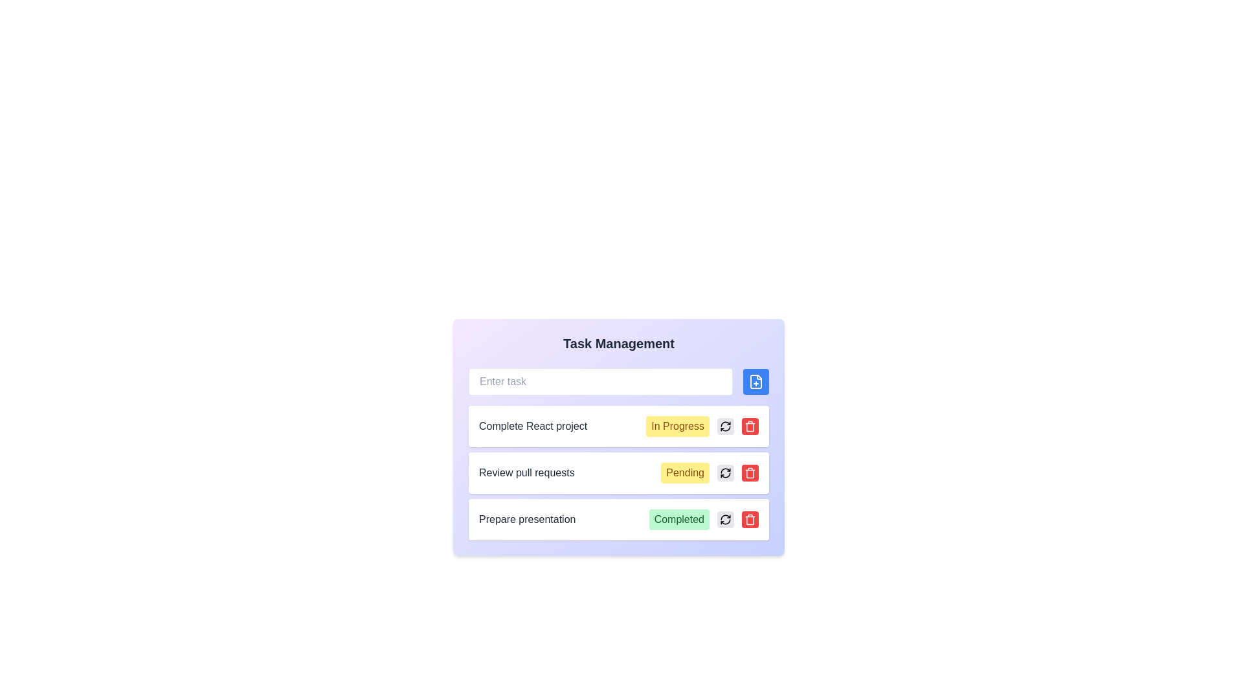 The height and width of the screenshot is (699, 1243). Describe the element at coordinates (527, 518) in the screenshot. I see `the text label that says 'Prepare presentation', which is located in the bottom-most task row of the task management list interface, to the left of the 'Completed' indicator badge` at that location.